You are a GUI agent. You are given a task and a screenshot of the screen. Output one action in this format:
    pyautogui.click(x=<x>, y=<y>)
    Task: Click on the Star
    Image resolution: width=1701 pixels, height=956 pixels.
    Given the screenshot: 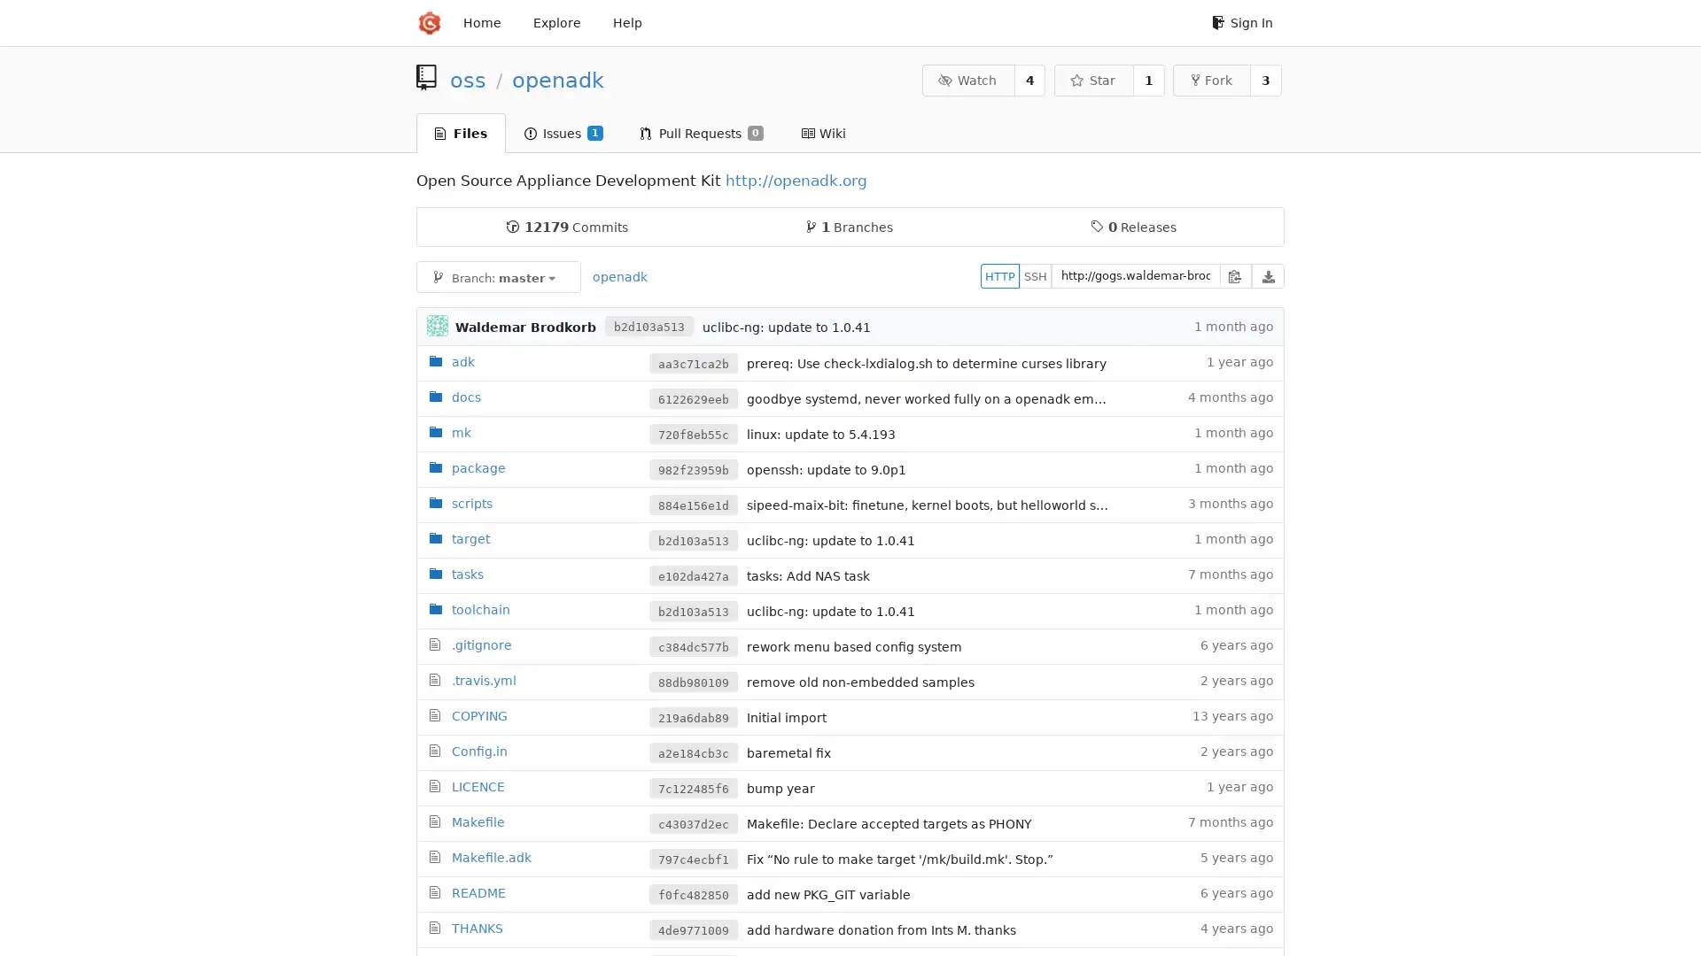 What is the action you would take?
    pyautogui.click(x=1092, y=81)
    